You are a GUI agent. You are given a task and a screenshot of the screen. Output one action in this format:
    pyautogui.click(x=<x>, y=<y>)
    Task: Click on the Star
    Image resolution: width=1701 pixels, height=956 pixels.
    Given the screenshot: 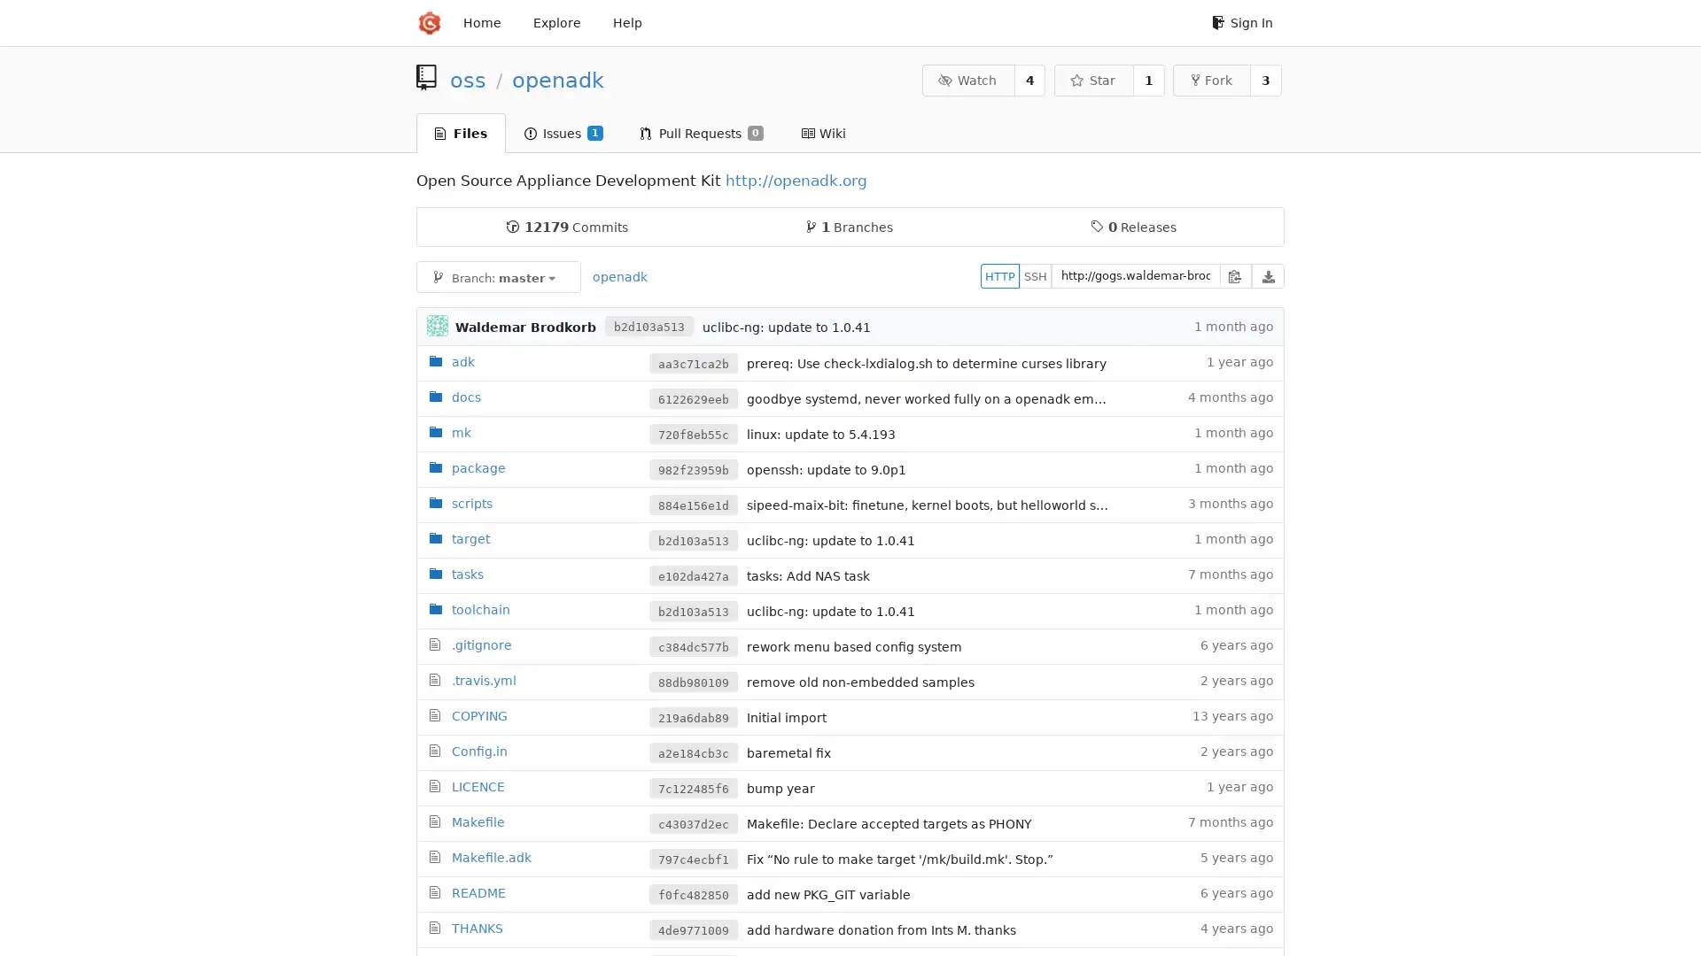 What is the action you would take?
    pyautogui.click(x=1092, y=81)
    